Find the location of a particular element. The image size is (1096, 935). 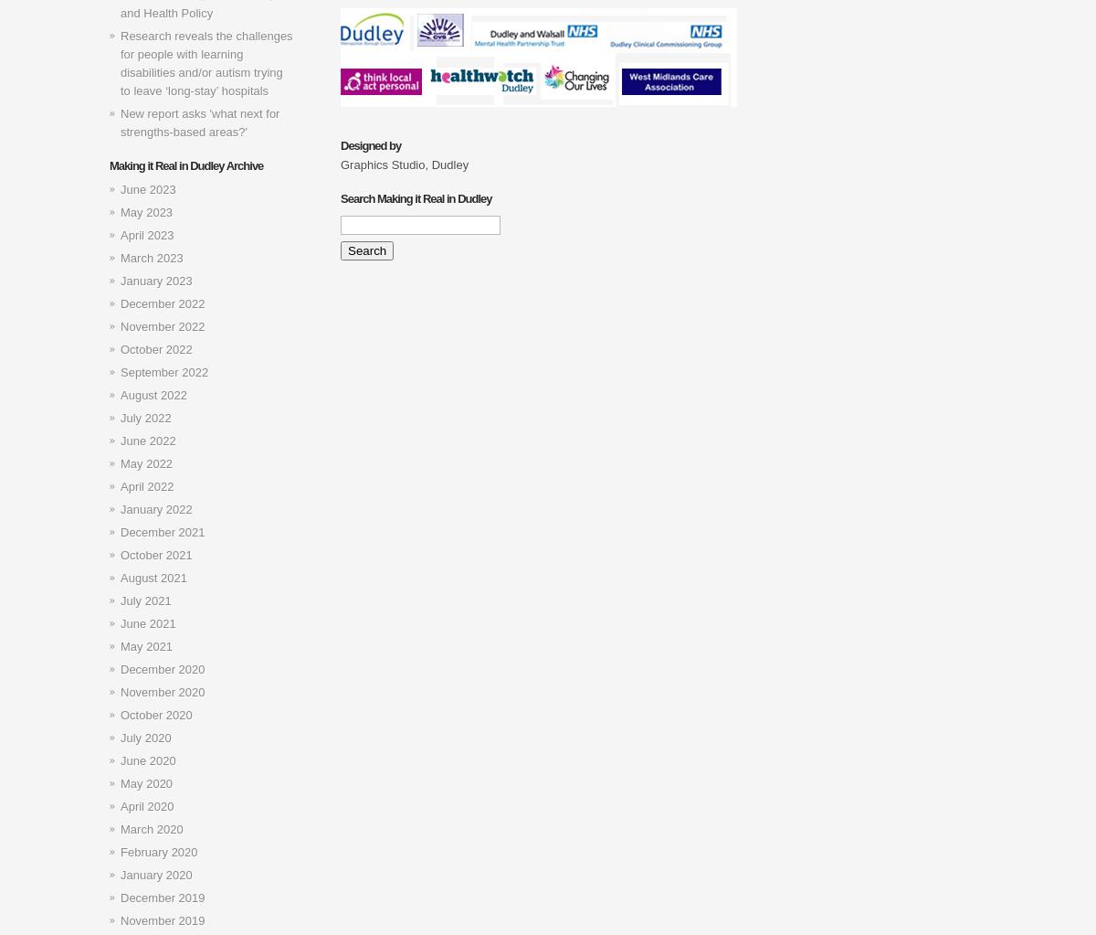

'May 2023' is located at coordinates (145, 211).